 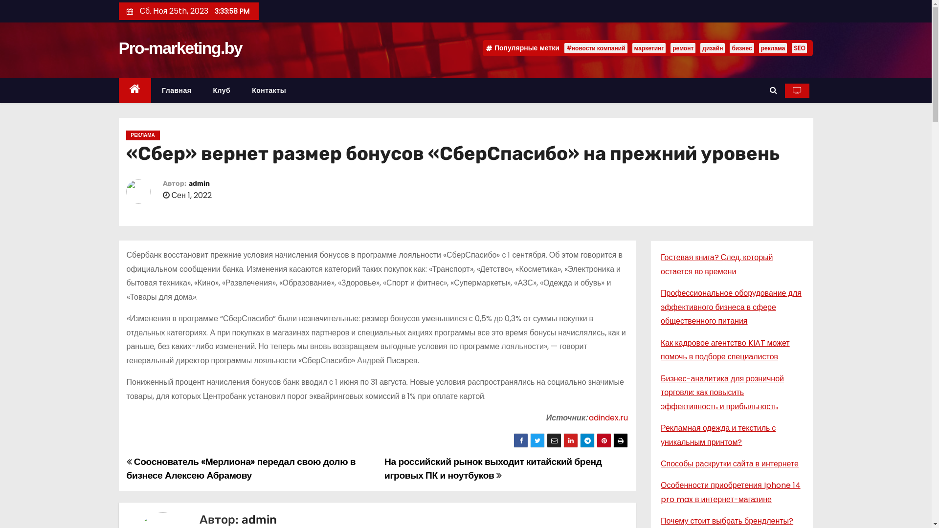 I want to click on 'admin', so click(x=259, y=519).